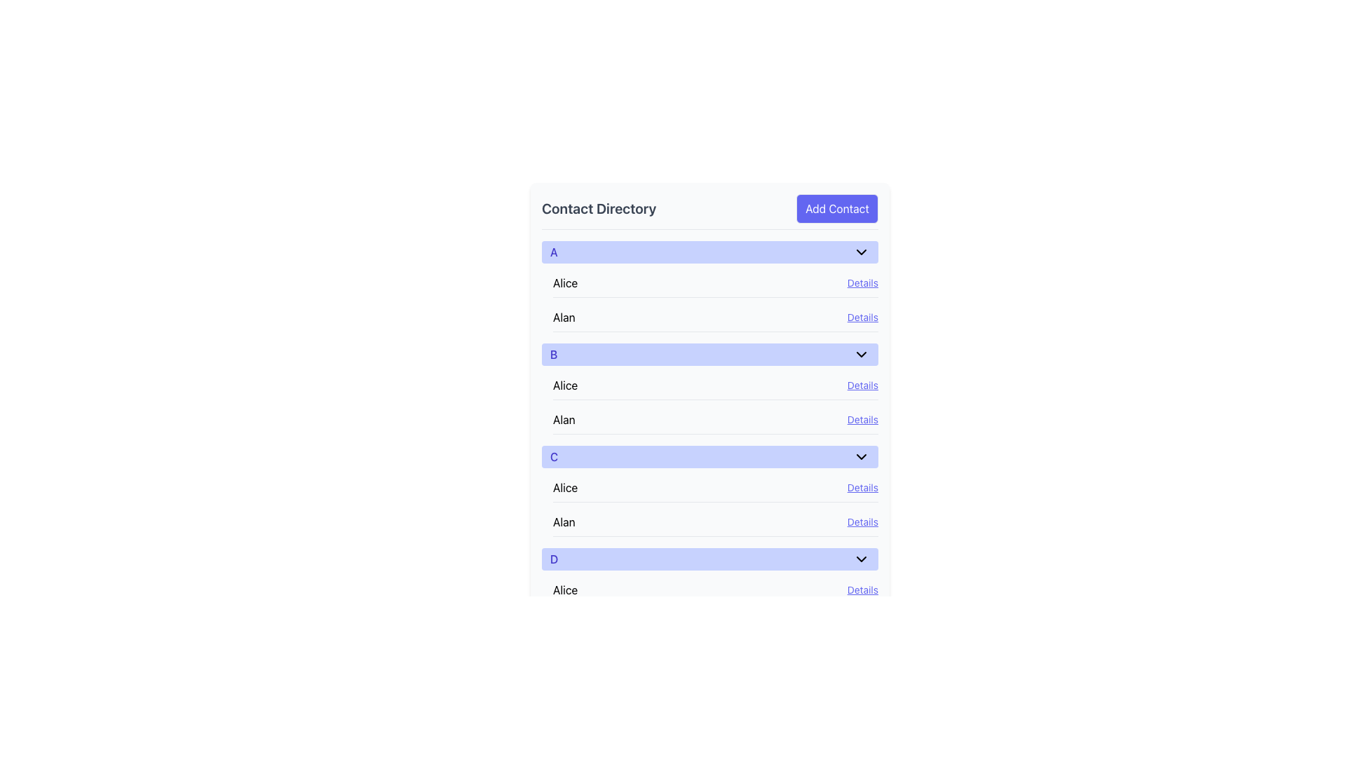 The width and height of the screenshot is (1346, 757). Describe the element at coordinates (861, 521) in the screenshot. I see `the hyperlink for the contact 'Alan' located in the third section labeled 'C' of the 'Contact Directory' interface` at that location.